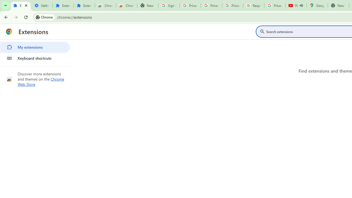  I want to click on 'Mute tab', so click(301, 5).